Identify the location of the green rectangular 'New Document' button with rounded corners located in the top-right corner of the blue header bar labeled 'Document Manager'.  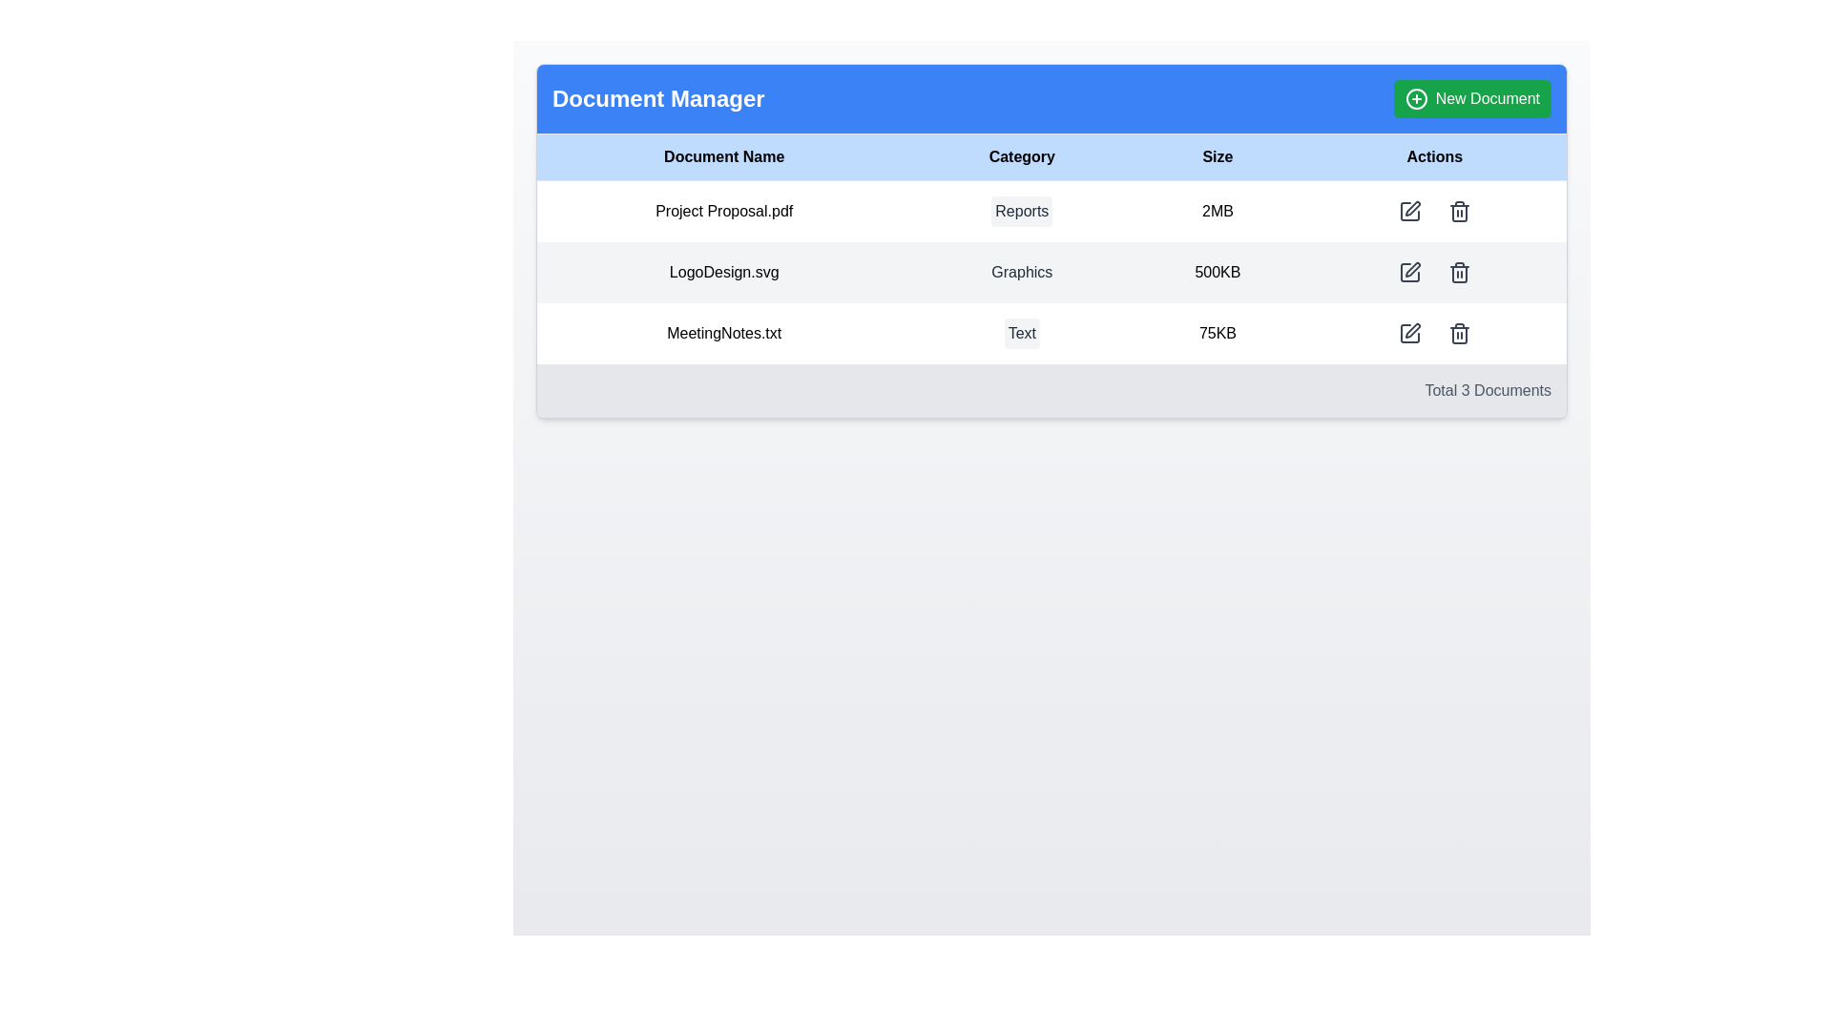
(1471, 99).